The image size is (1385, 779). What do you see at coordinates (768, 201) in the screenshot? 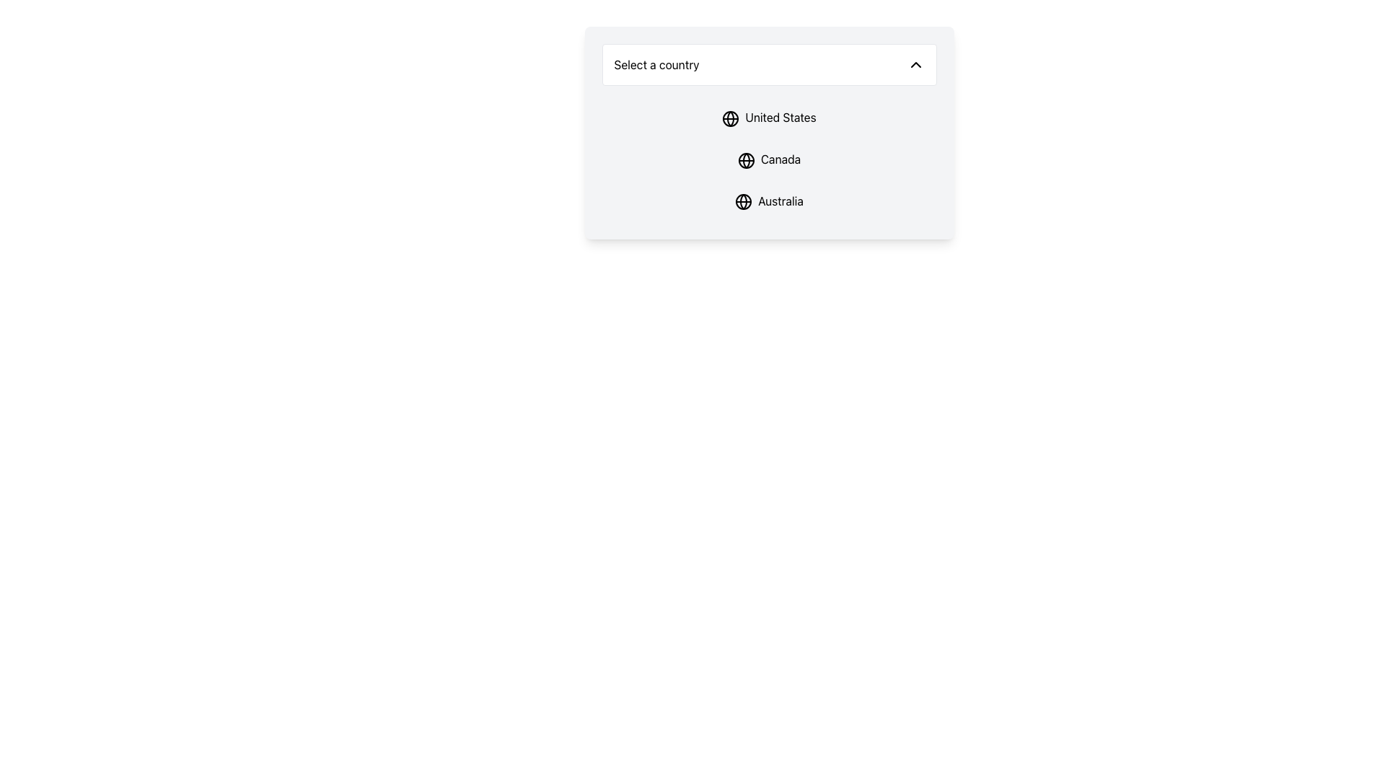
I see `the selectable list item labeled 'Australia'` at bounding box center [768, 201].